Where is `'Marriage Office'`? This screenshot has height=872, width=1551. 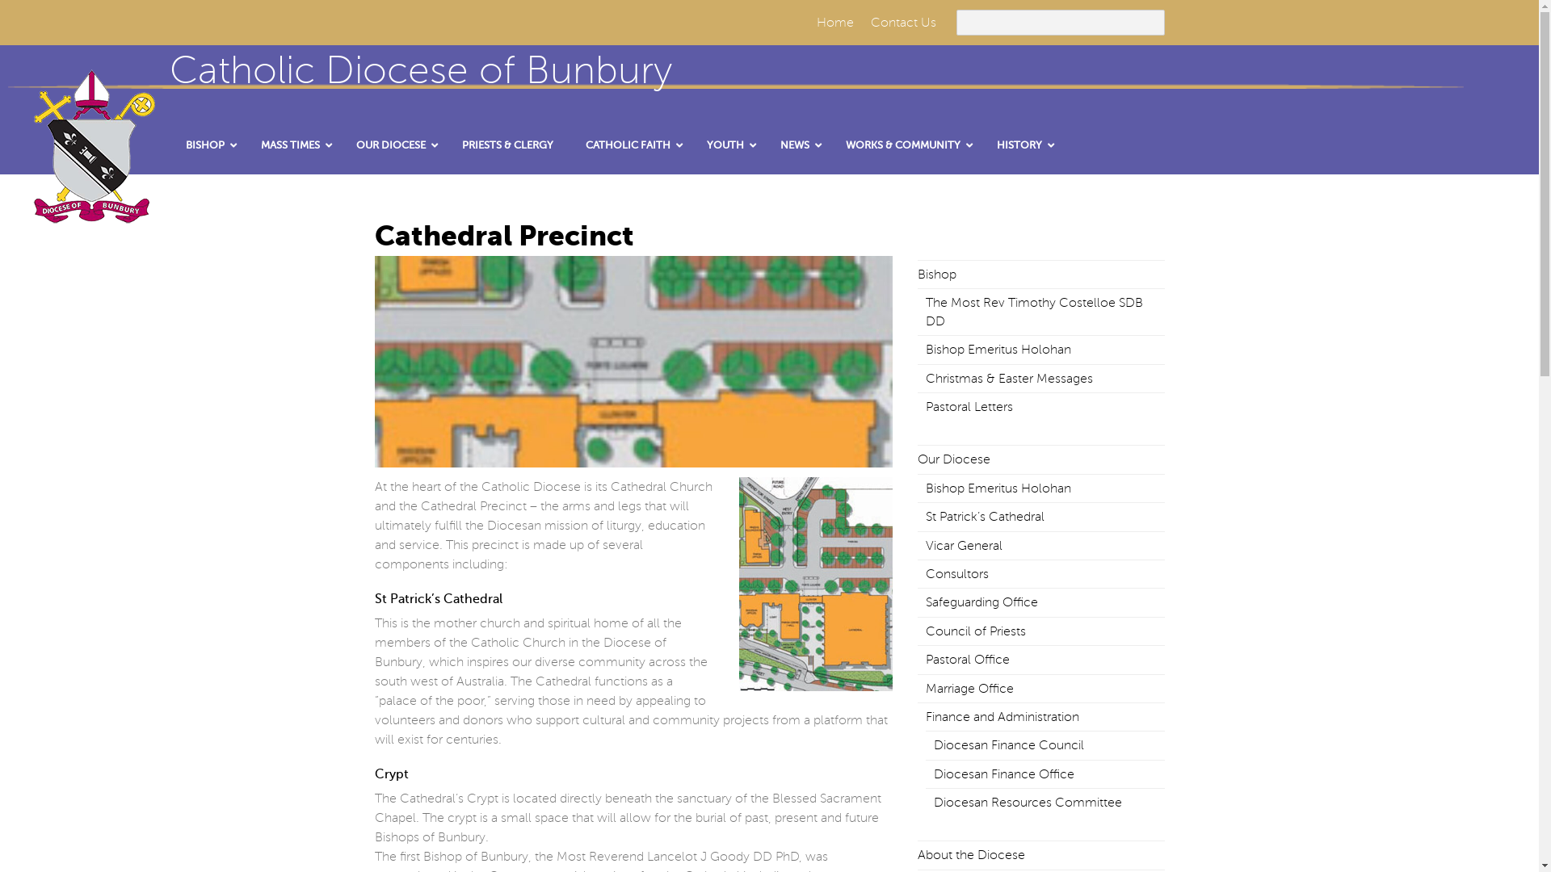
'Marriage Office' is located at coordinates (969, 688).